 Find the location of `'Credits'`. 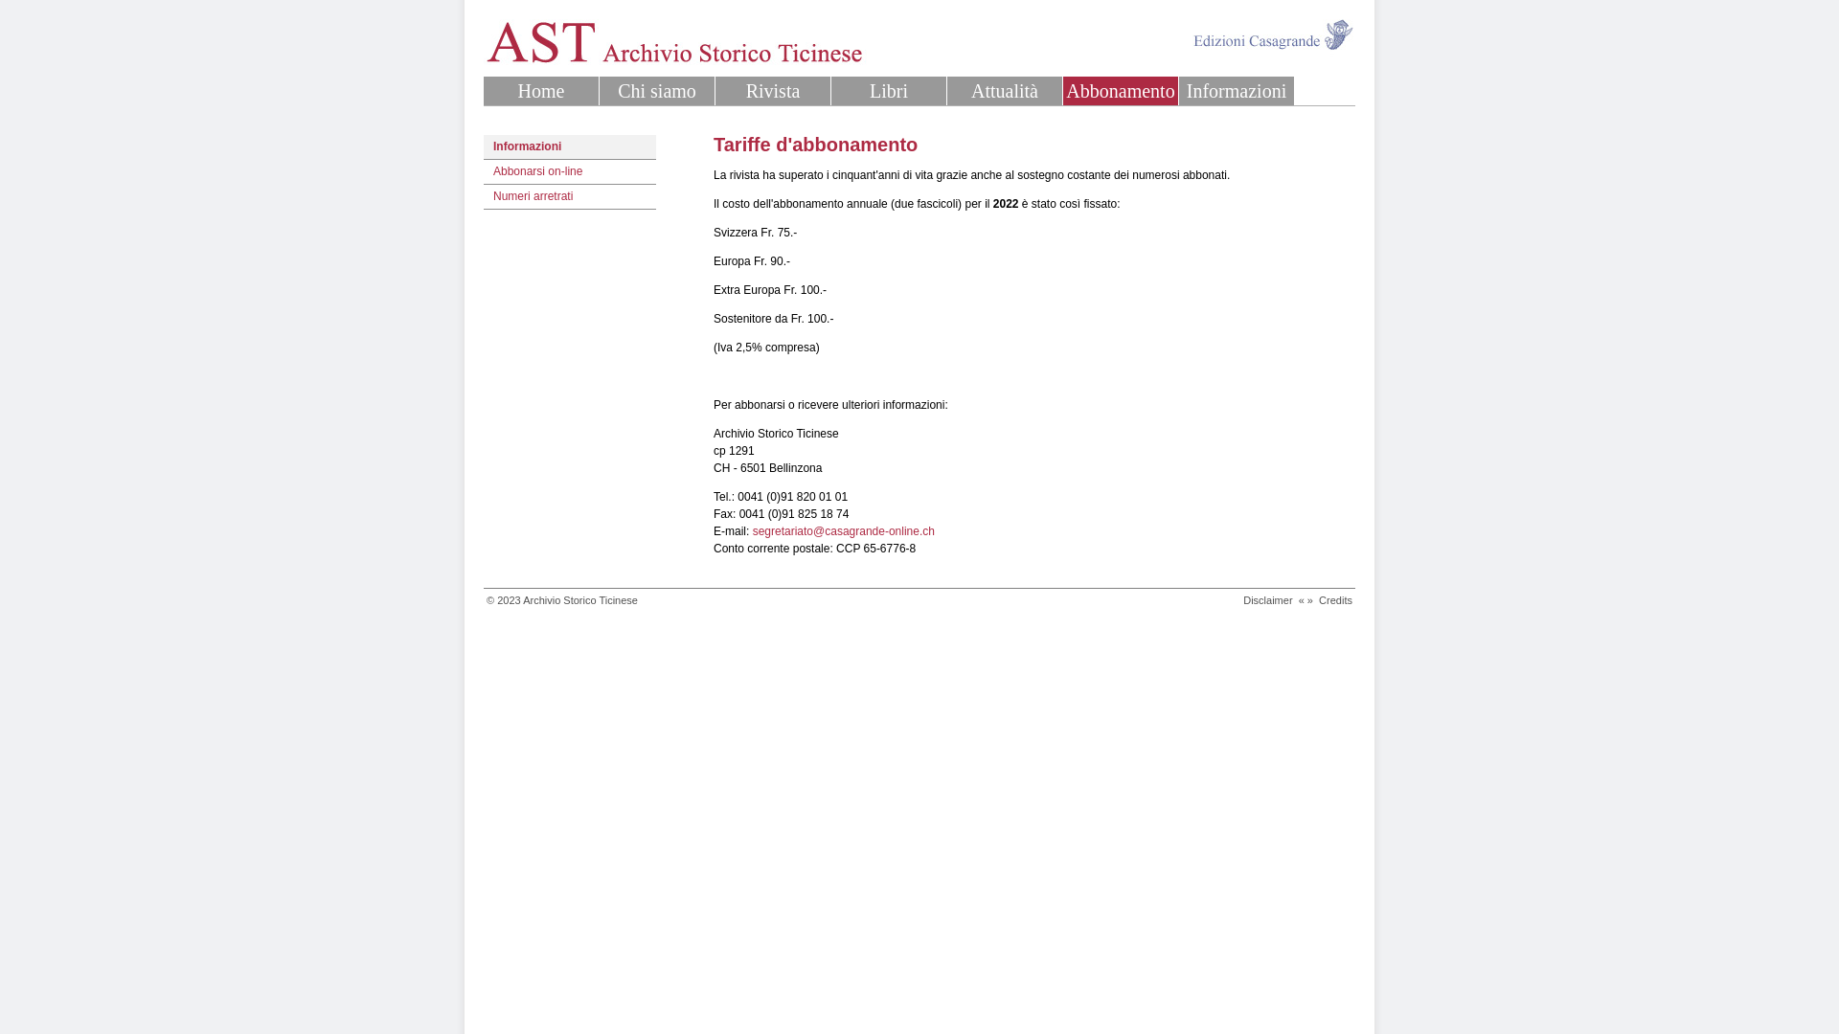

'Credits' is located at coordinates (1334, 599).